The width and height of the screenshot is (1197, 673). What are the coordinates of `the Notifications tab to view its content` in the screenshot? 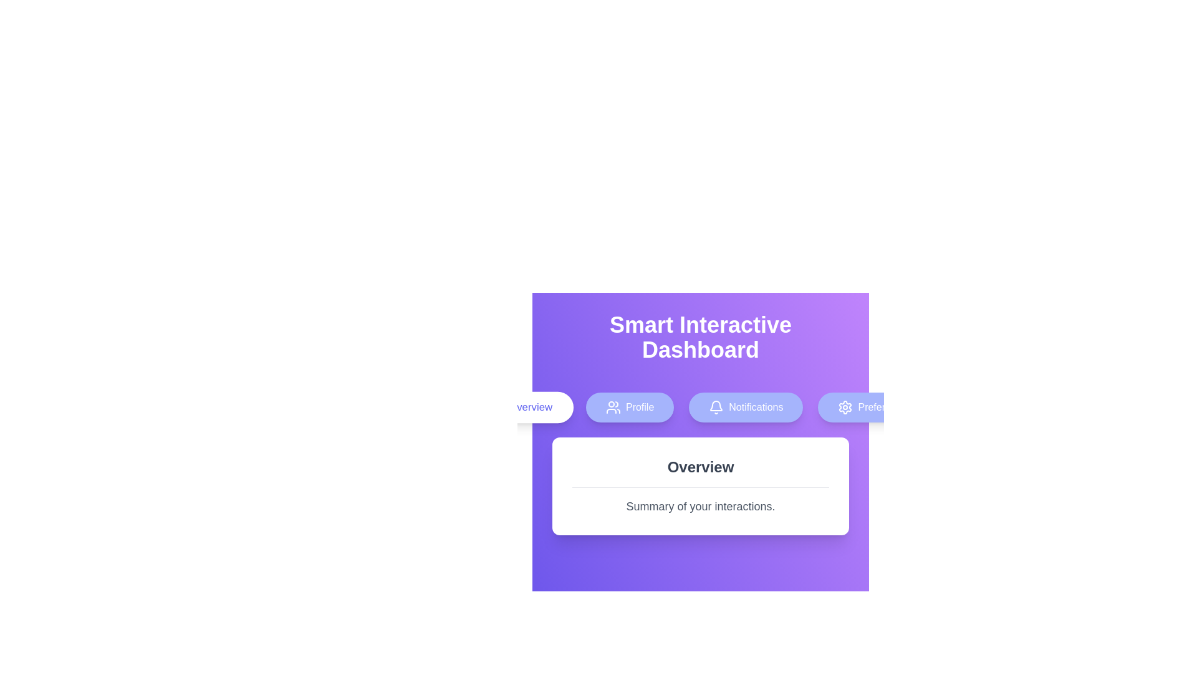 It's located at (745, 408).